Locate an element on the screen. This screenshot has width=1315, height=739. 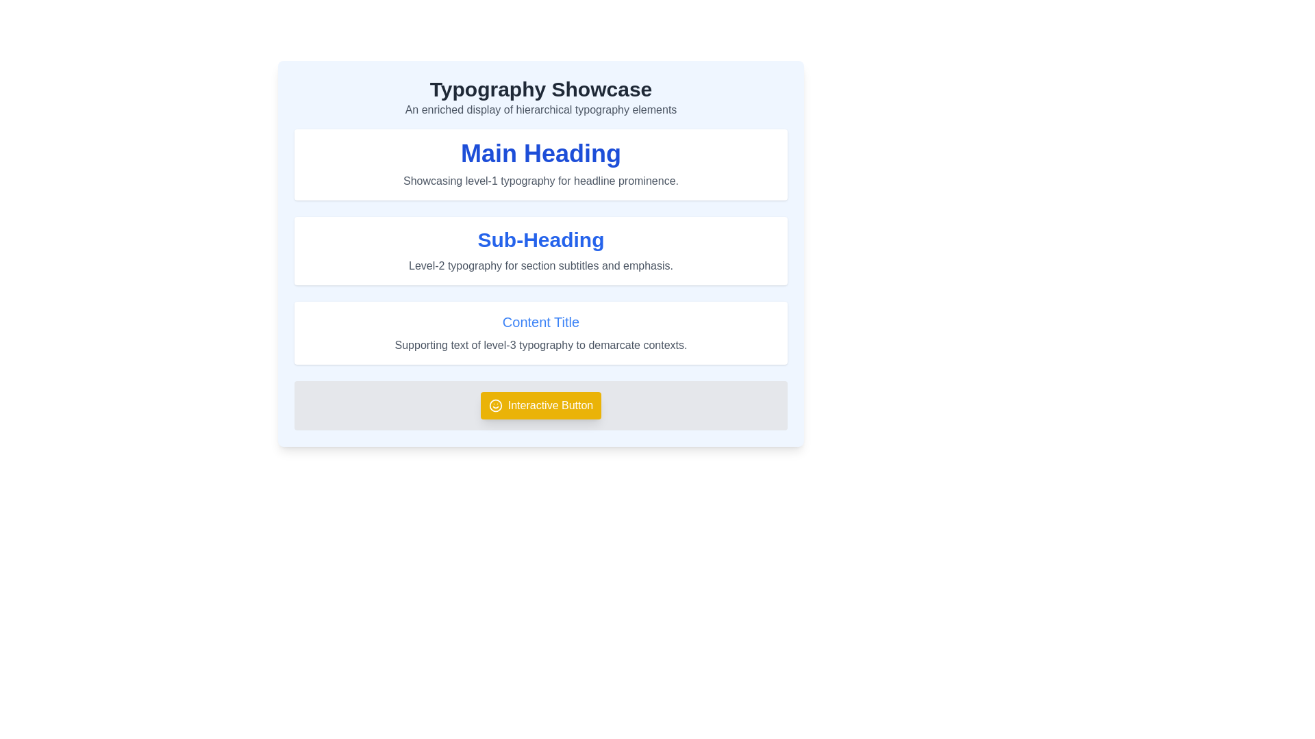
the yellow circular element with a white stroke that is part of an SVG icon, located near the bottom section of the interface, associated with the 'Interactive Button' is located at coordinates (494, 405).